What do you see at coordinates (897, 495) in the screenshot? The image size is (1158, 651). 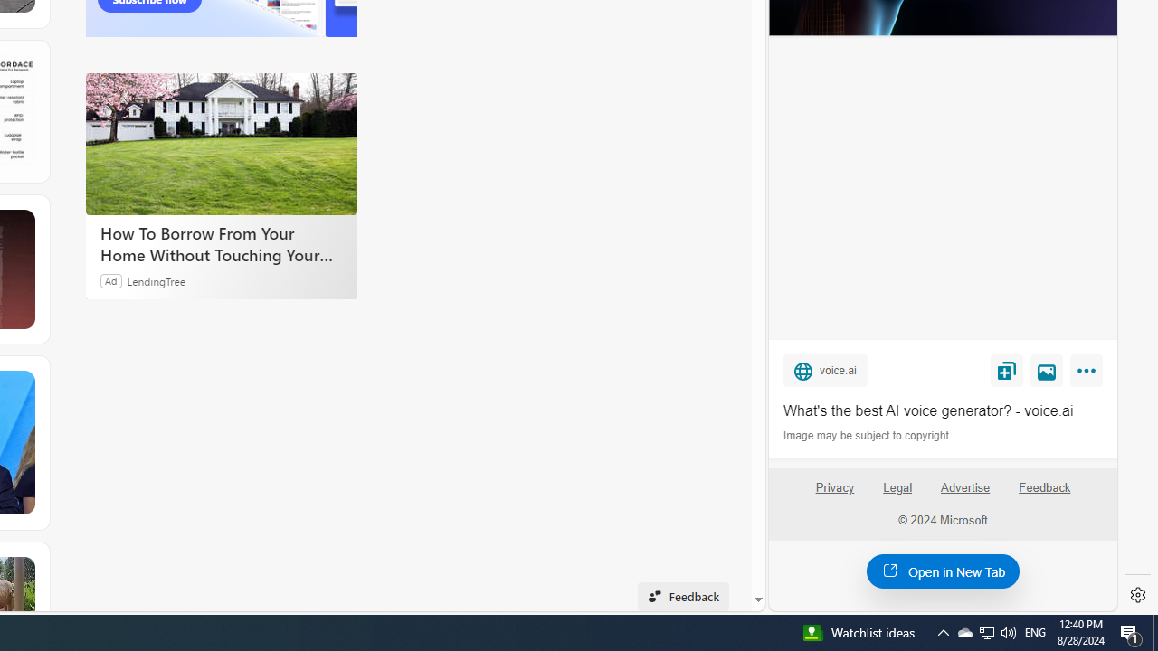 I see `'Legal'` at bounding box center [897, 495].